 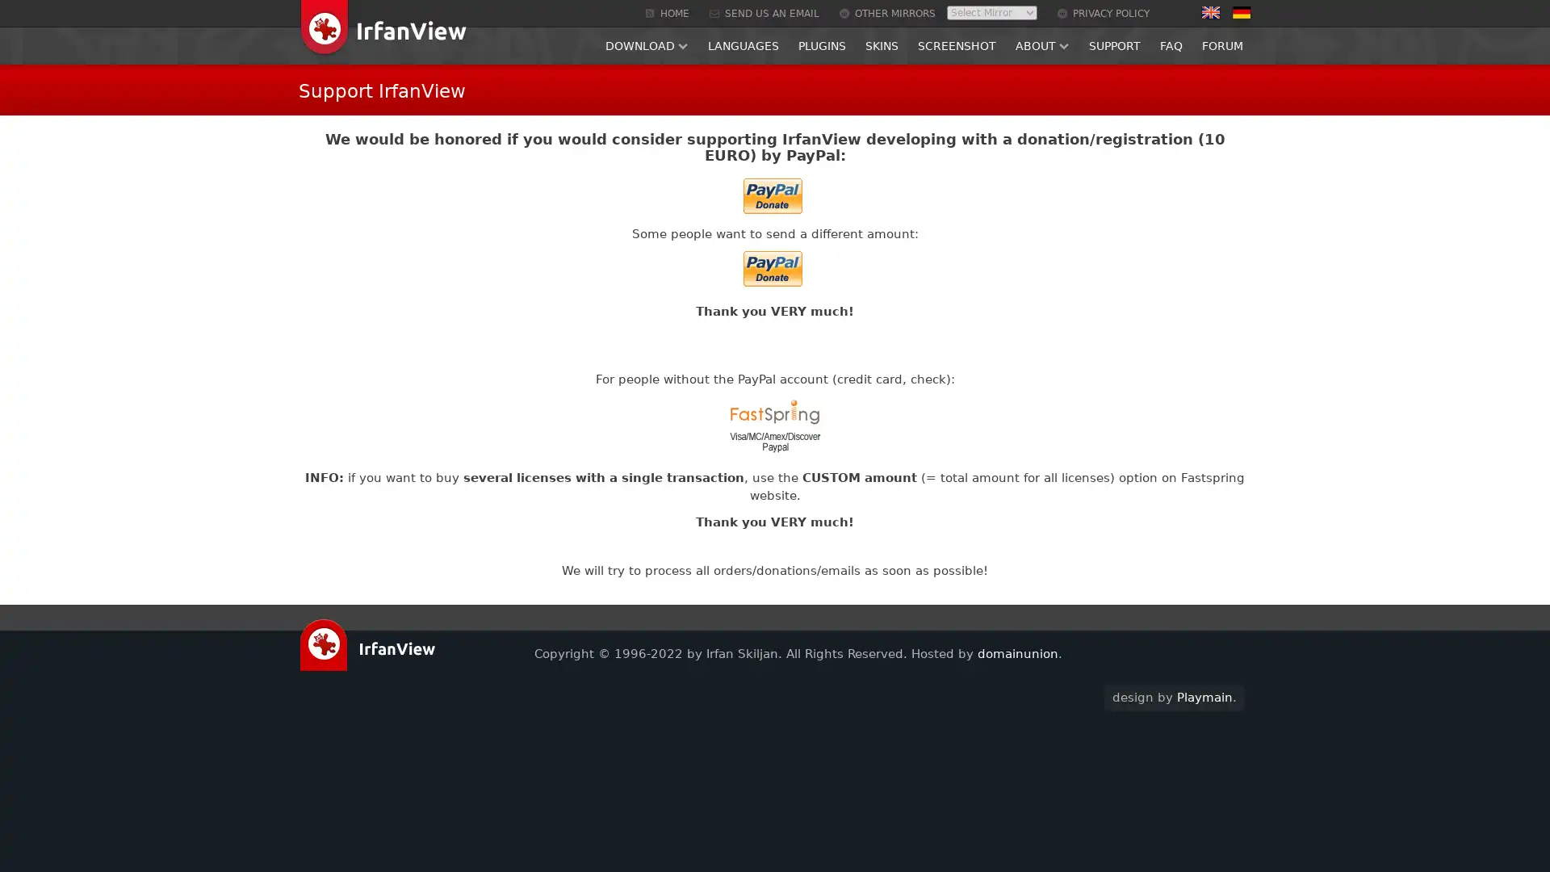 I want to click on Make payments with PayPal - it's fast, free and secure!, so click(x=771, y=267).